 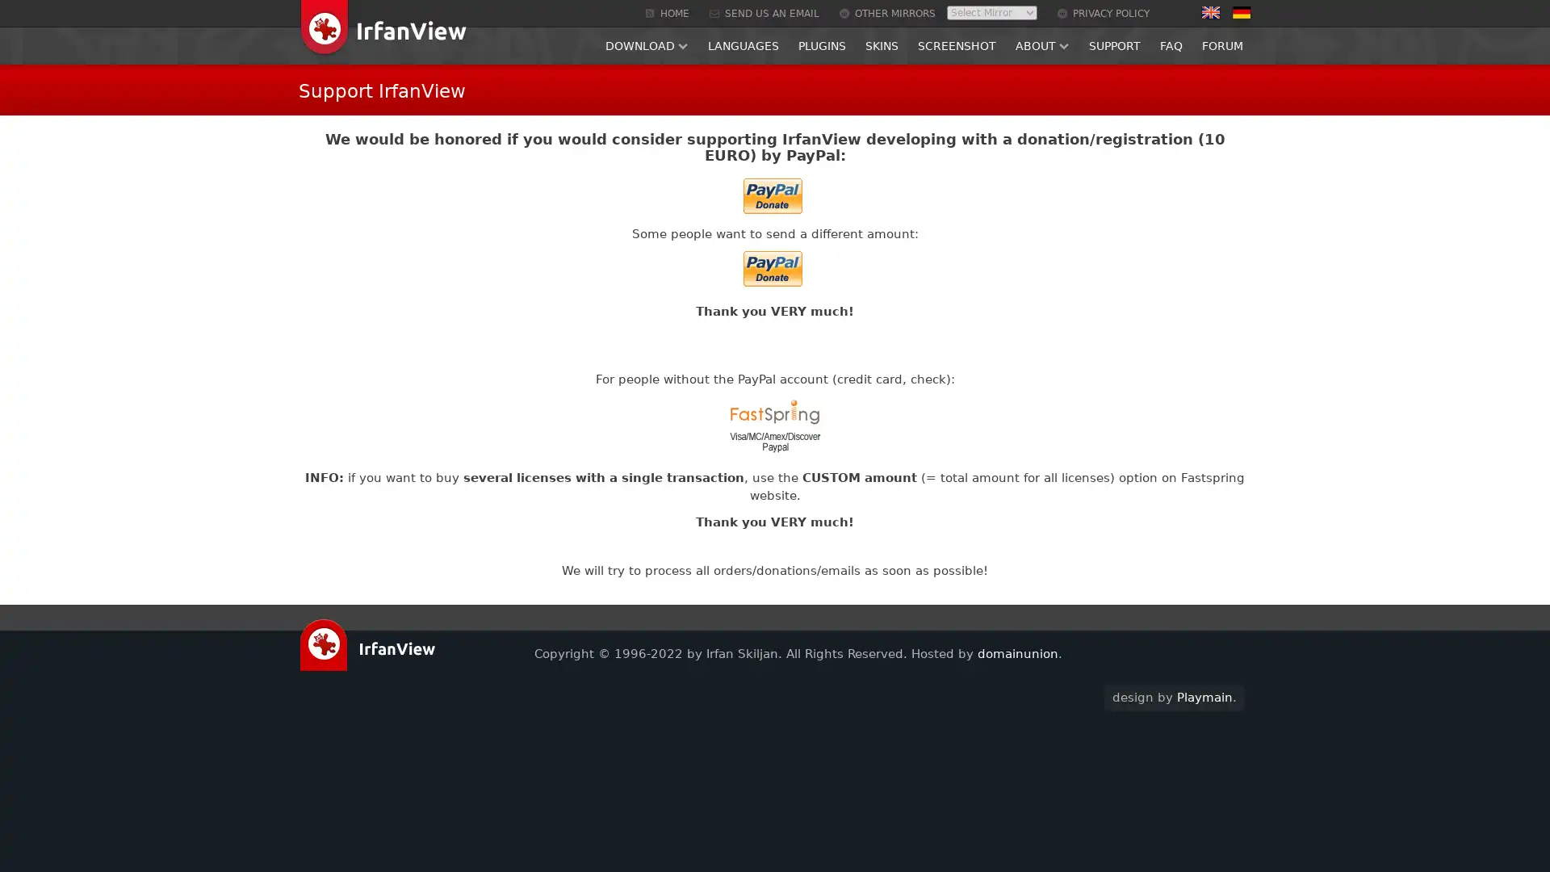 I want to click on Make payments with PayPal - it's fast, free and secure!, so click(x=771, y=267).